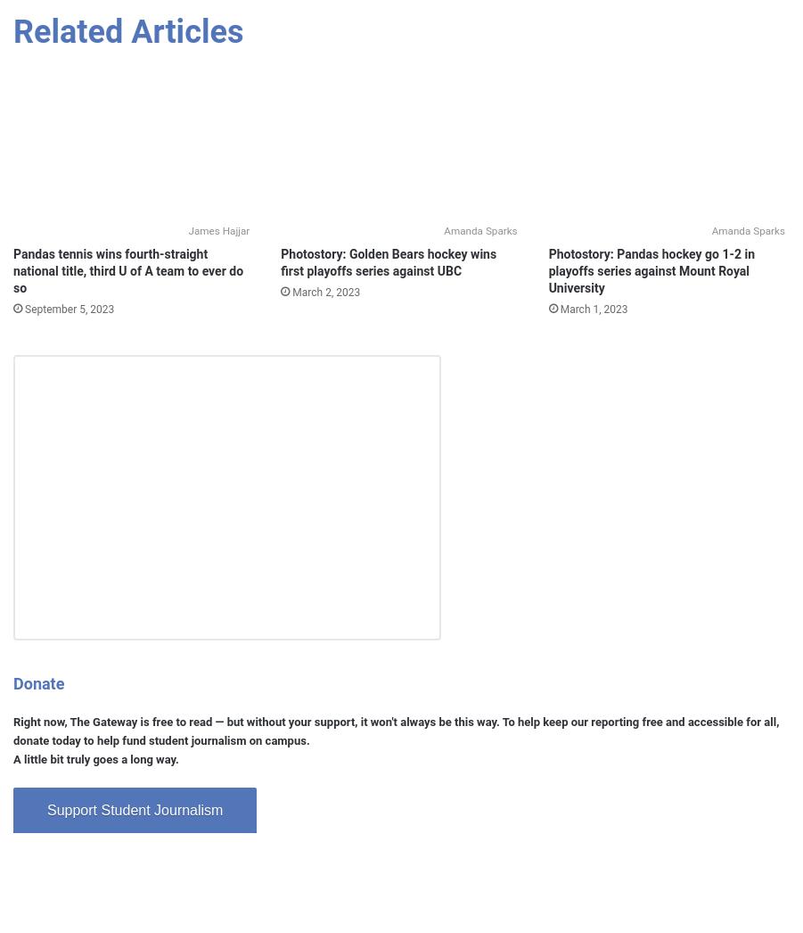 The image size is (803, 933). What do you see at coordinates (95, 758) in the screenshot?
I see `'A little bit truly goes a long way.'` at bounding box center [95, 758].